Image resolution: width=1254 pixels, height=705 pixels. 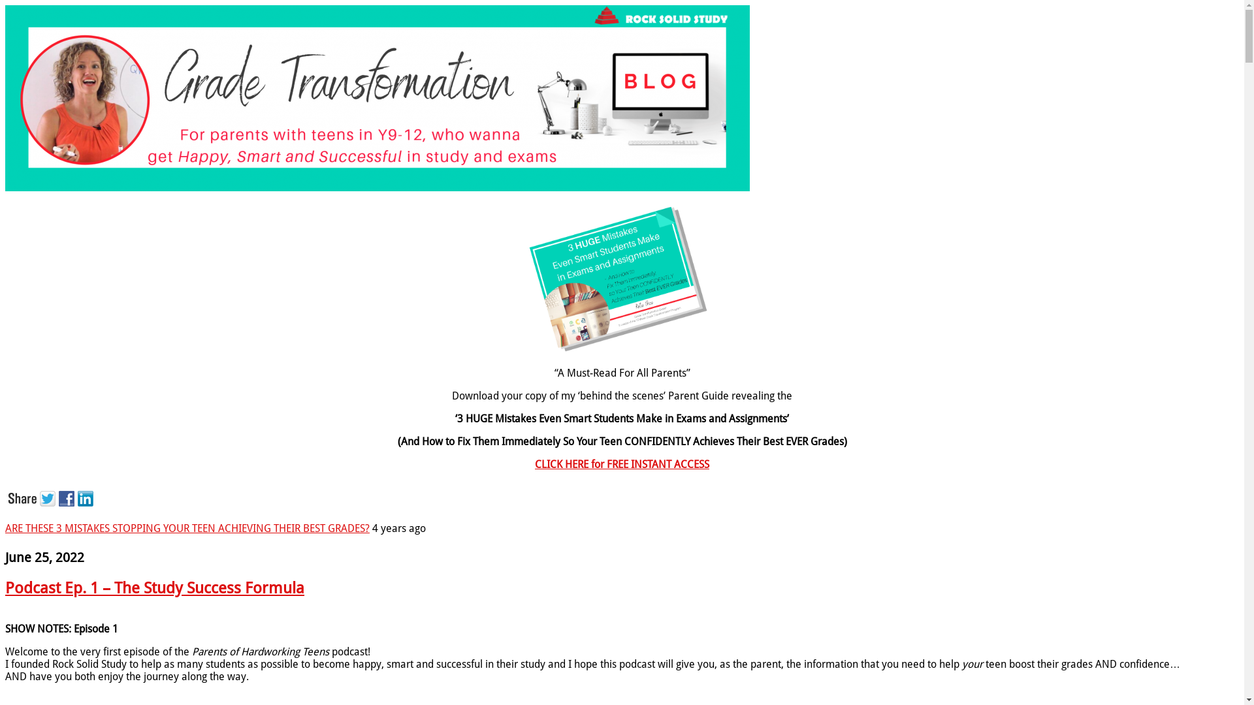 I want to click on 'Facebook', so click(x=67, y=497).